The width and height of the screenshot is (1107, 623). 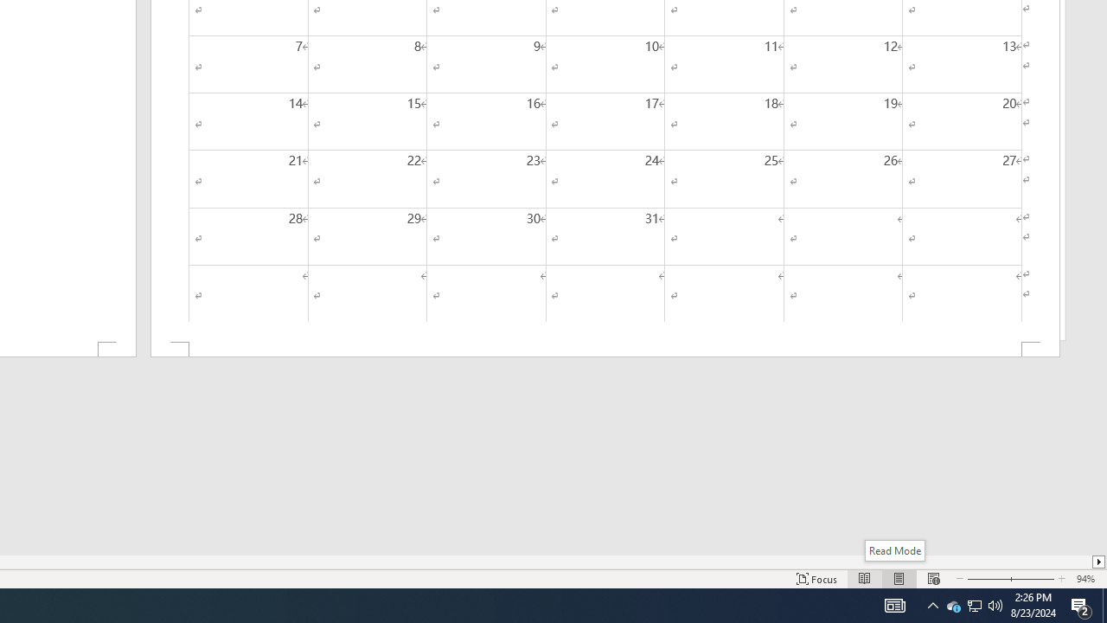 I want to click on 'Zoom In', so click(x=1032, y=579).